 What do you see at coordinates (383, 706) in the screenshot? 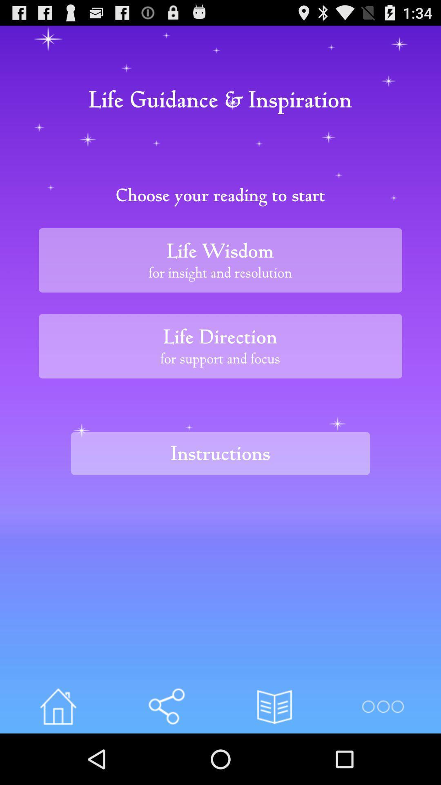
I see `the icon at the bottom right corner` at bounding box center [383, 706].